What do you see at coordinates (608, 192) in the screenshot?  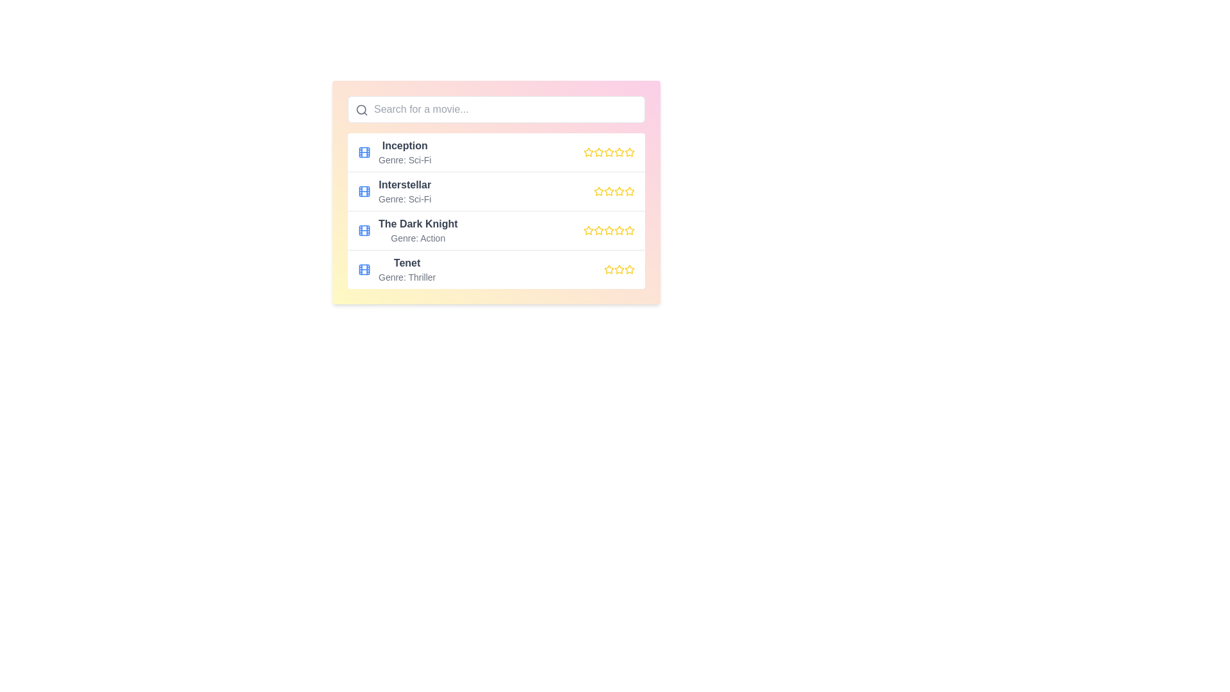 I see `the third star icon in the rating system for the movie 'Interstellar' to trigger a tooltip or visual feedback` at bounding box center [608, 192].